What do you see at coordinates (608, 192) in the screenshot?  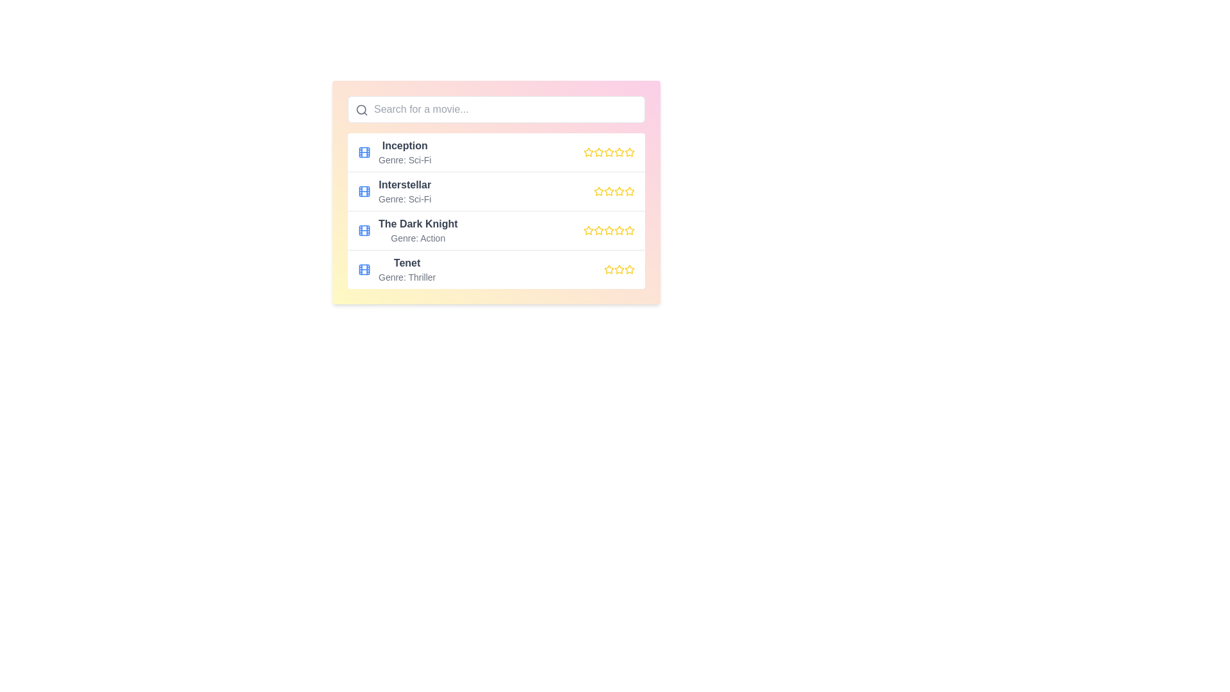 I see `the third star icon in the rating system for the movie 'Interstellar' to trigger a tooltip or visual feedback` at bounding box center [608, 192].